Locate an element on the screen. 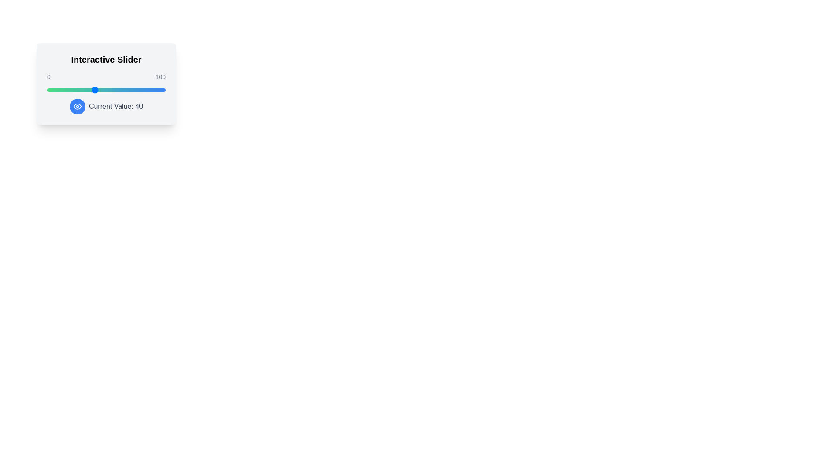 The width and height of the screenshot is (837, 470). the slider to set its value to 69 is located at coordinates (128, 90).